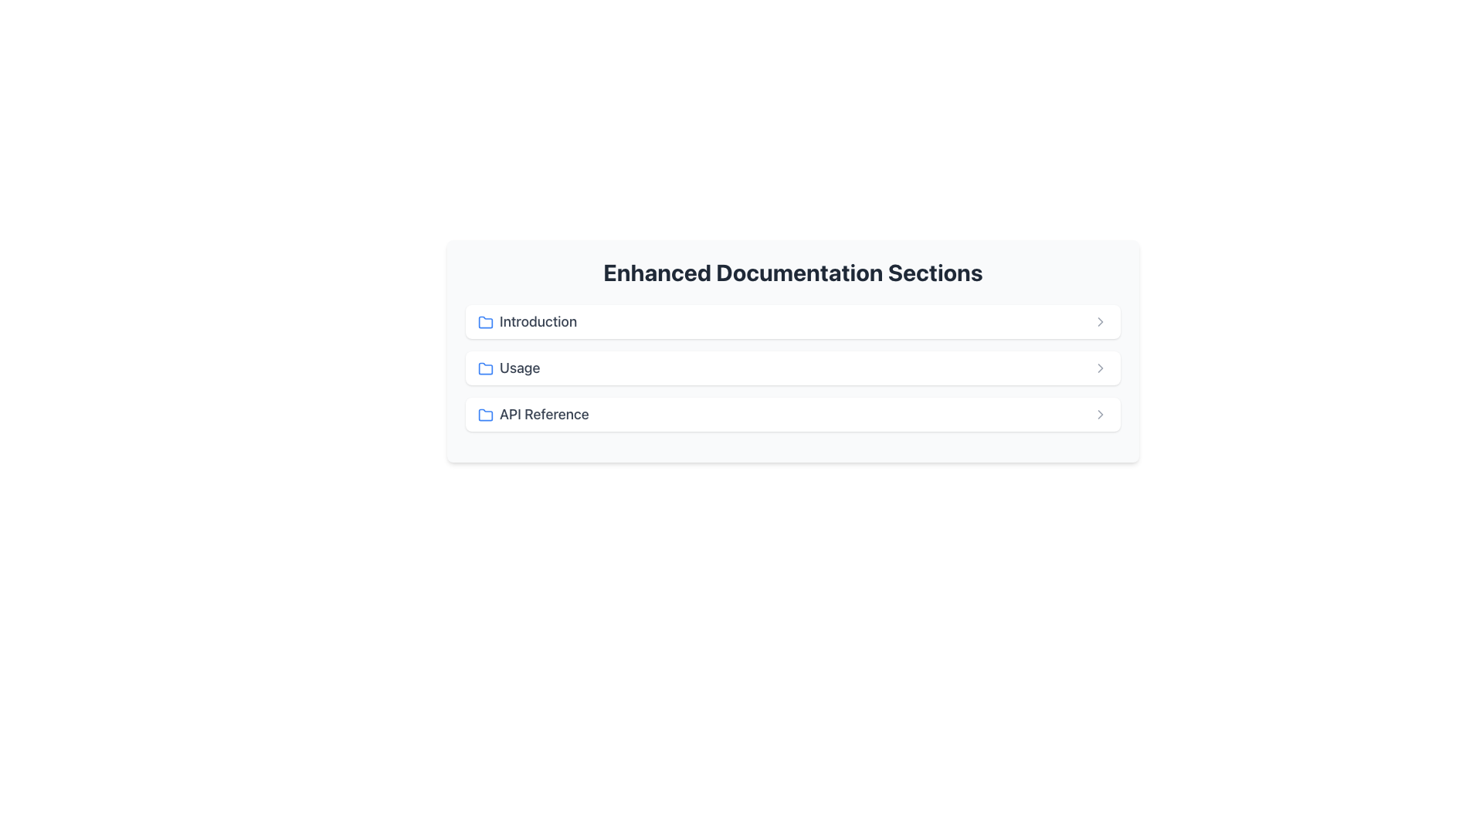 This screenshot has width=1483, height=834. Describe the element at coordinates (484, 414) in the screenshot. I see `the folder icon associated with the 'API Reference' section, located on the third row of the vertical list of items` at that location.